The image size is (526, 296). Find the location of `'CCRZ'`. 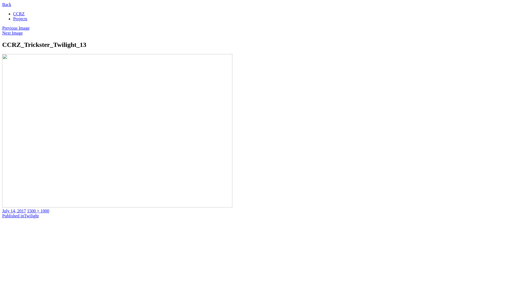

'CCRZ' is located at coordinates (19, 13).